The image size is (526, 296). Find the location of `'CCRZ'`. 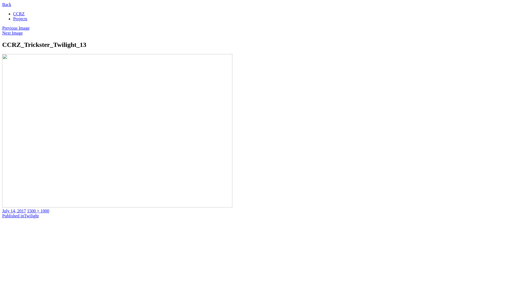

'CCRZ' is located at coordinates (19, 13).